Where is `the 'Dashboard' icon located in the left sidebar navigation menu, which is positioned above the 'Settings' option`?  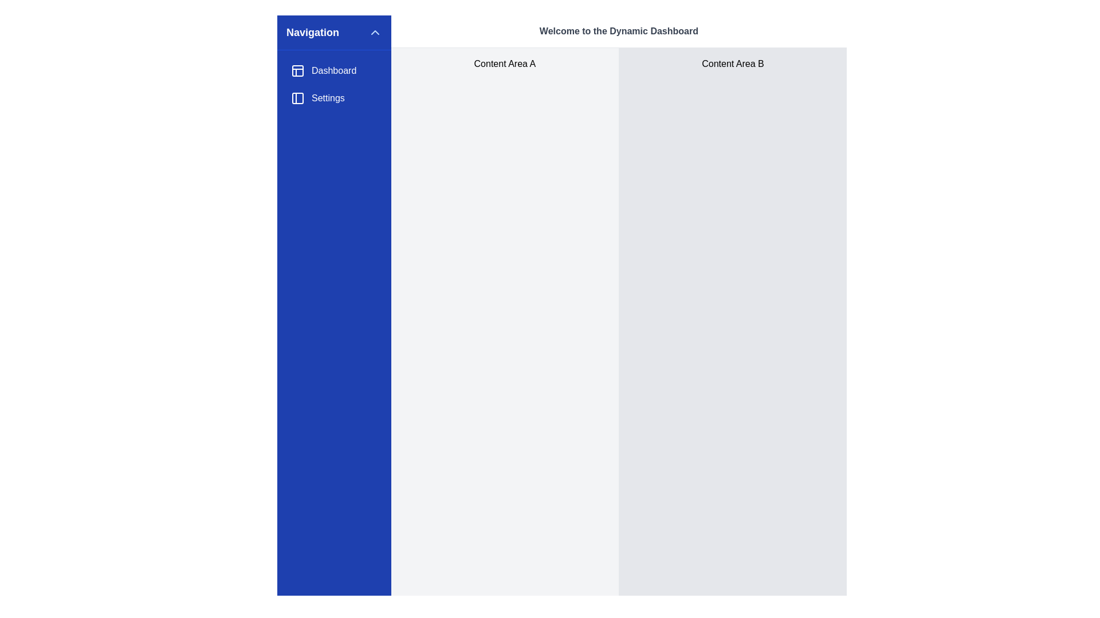 the 'Dashboard' icon located in the left sidebar navigation menu, which is positioned above the 'Settings' option is located at coordinates (297, 70).